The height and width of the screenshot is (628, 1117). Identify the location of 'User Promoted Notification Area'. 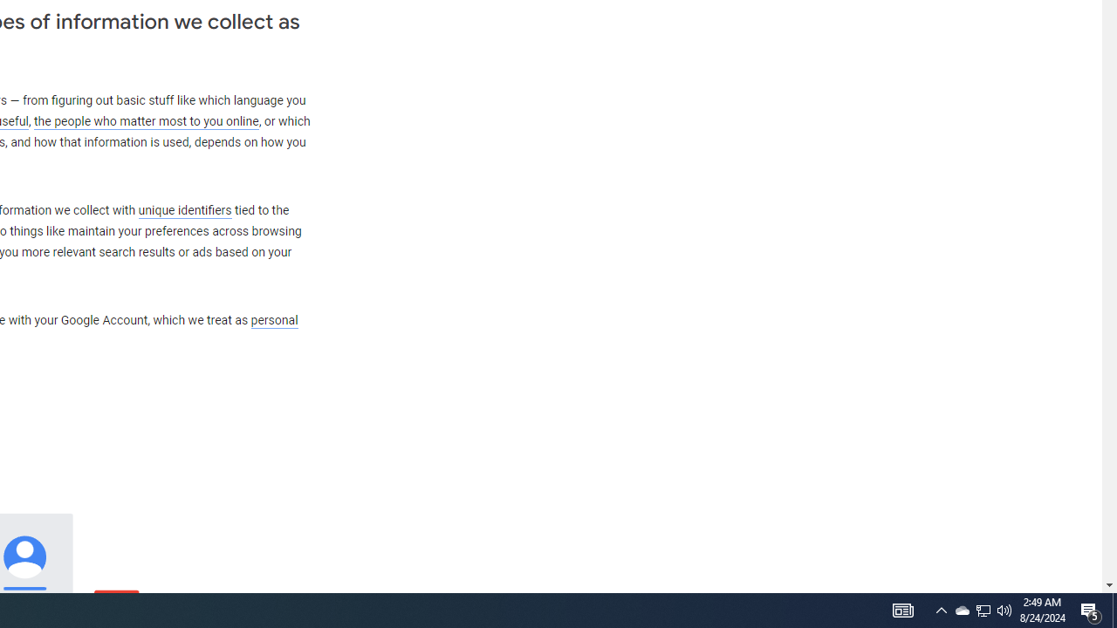
(983, 609).